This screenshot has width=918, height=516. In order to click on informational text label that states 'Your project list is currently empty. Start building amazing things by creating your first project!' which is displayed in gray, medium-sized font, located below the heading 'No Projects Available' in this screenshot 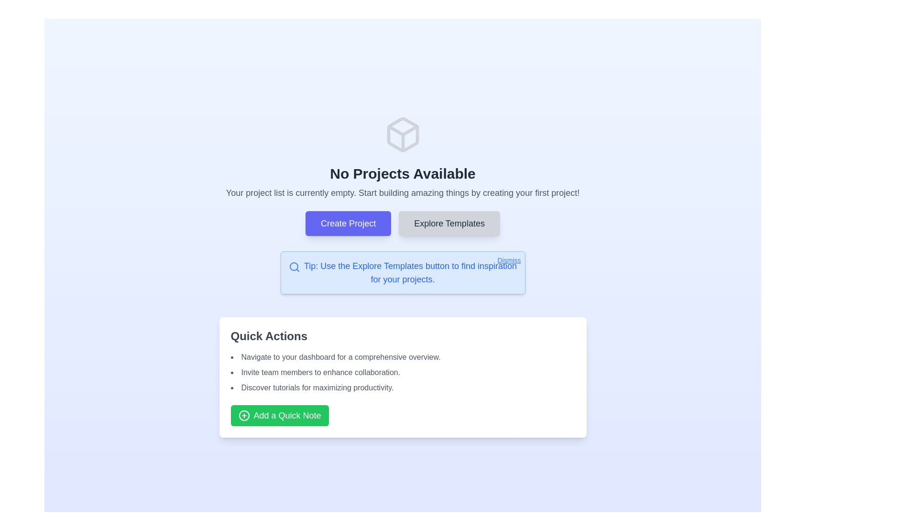, I will do `click(403, 193)`.